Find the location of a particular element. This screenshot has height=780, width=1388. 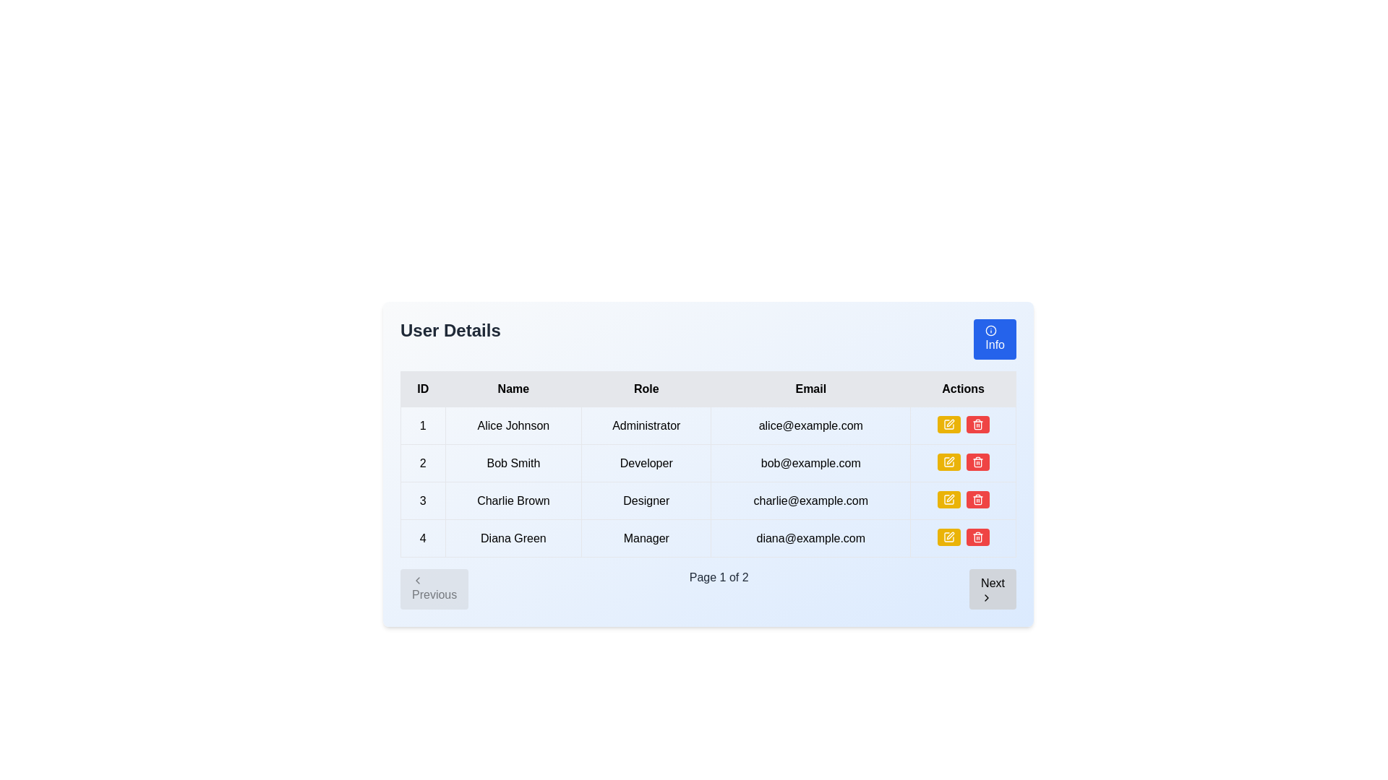

the static text displaying the email 'bob@example.com' in the 'Email' column of the user information table for user 'Bob Smith' is located at coordinates (810, 463).